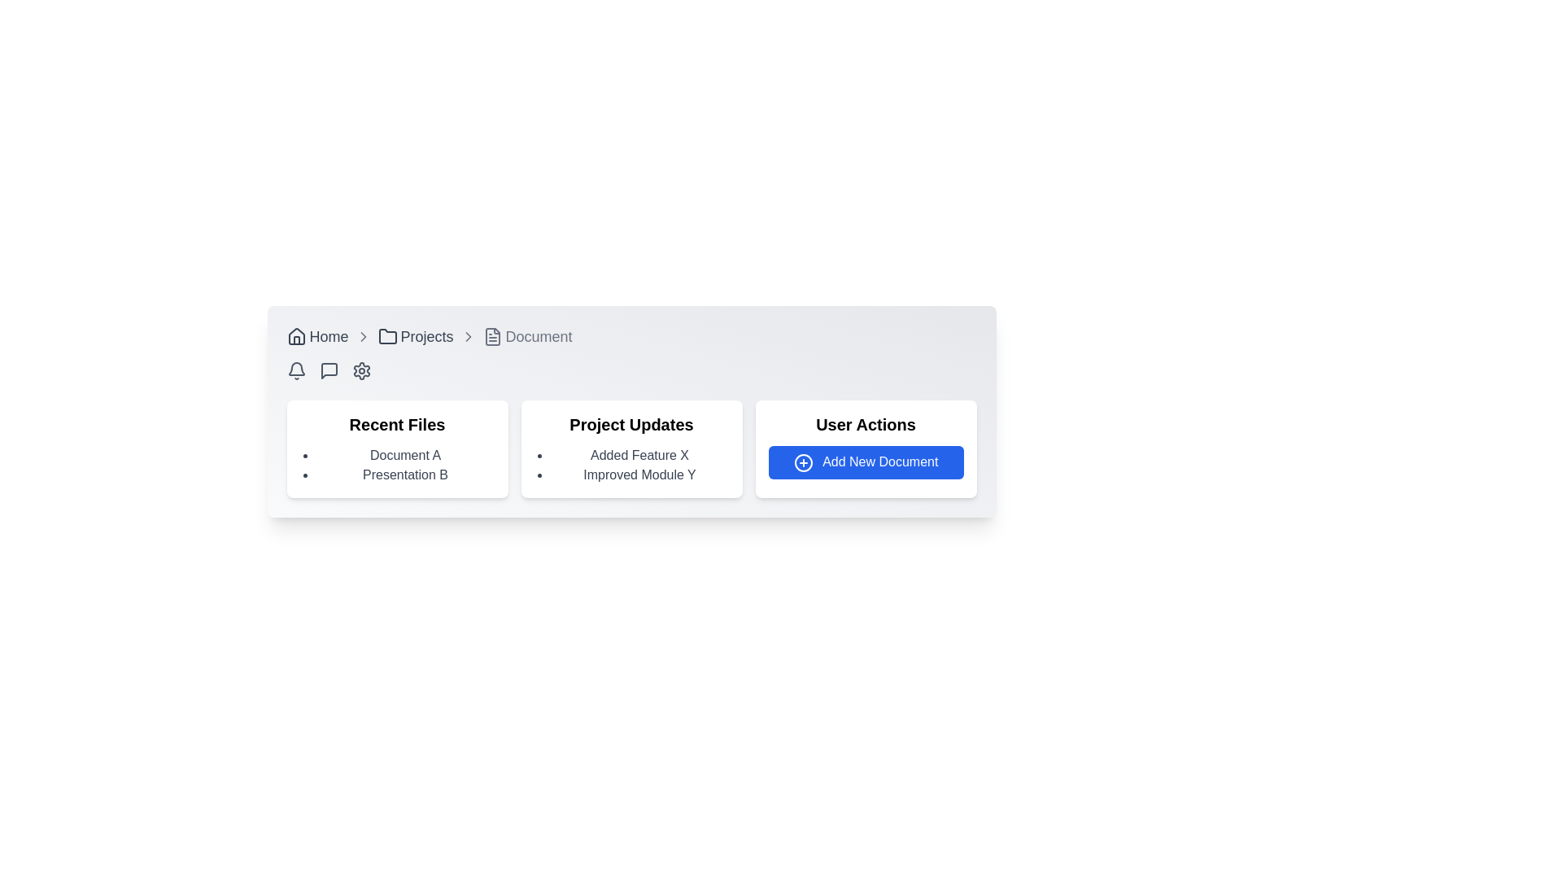 This screenshot has width=1562, height=879. Describe the element at coordinates (296, 335) in the screenshot. I see `the 'Home' icon in the breadcrumb navigation UI` at that location.